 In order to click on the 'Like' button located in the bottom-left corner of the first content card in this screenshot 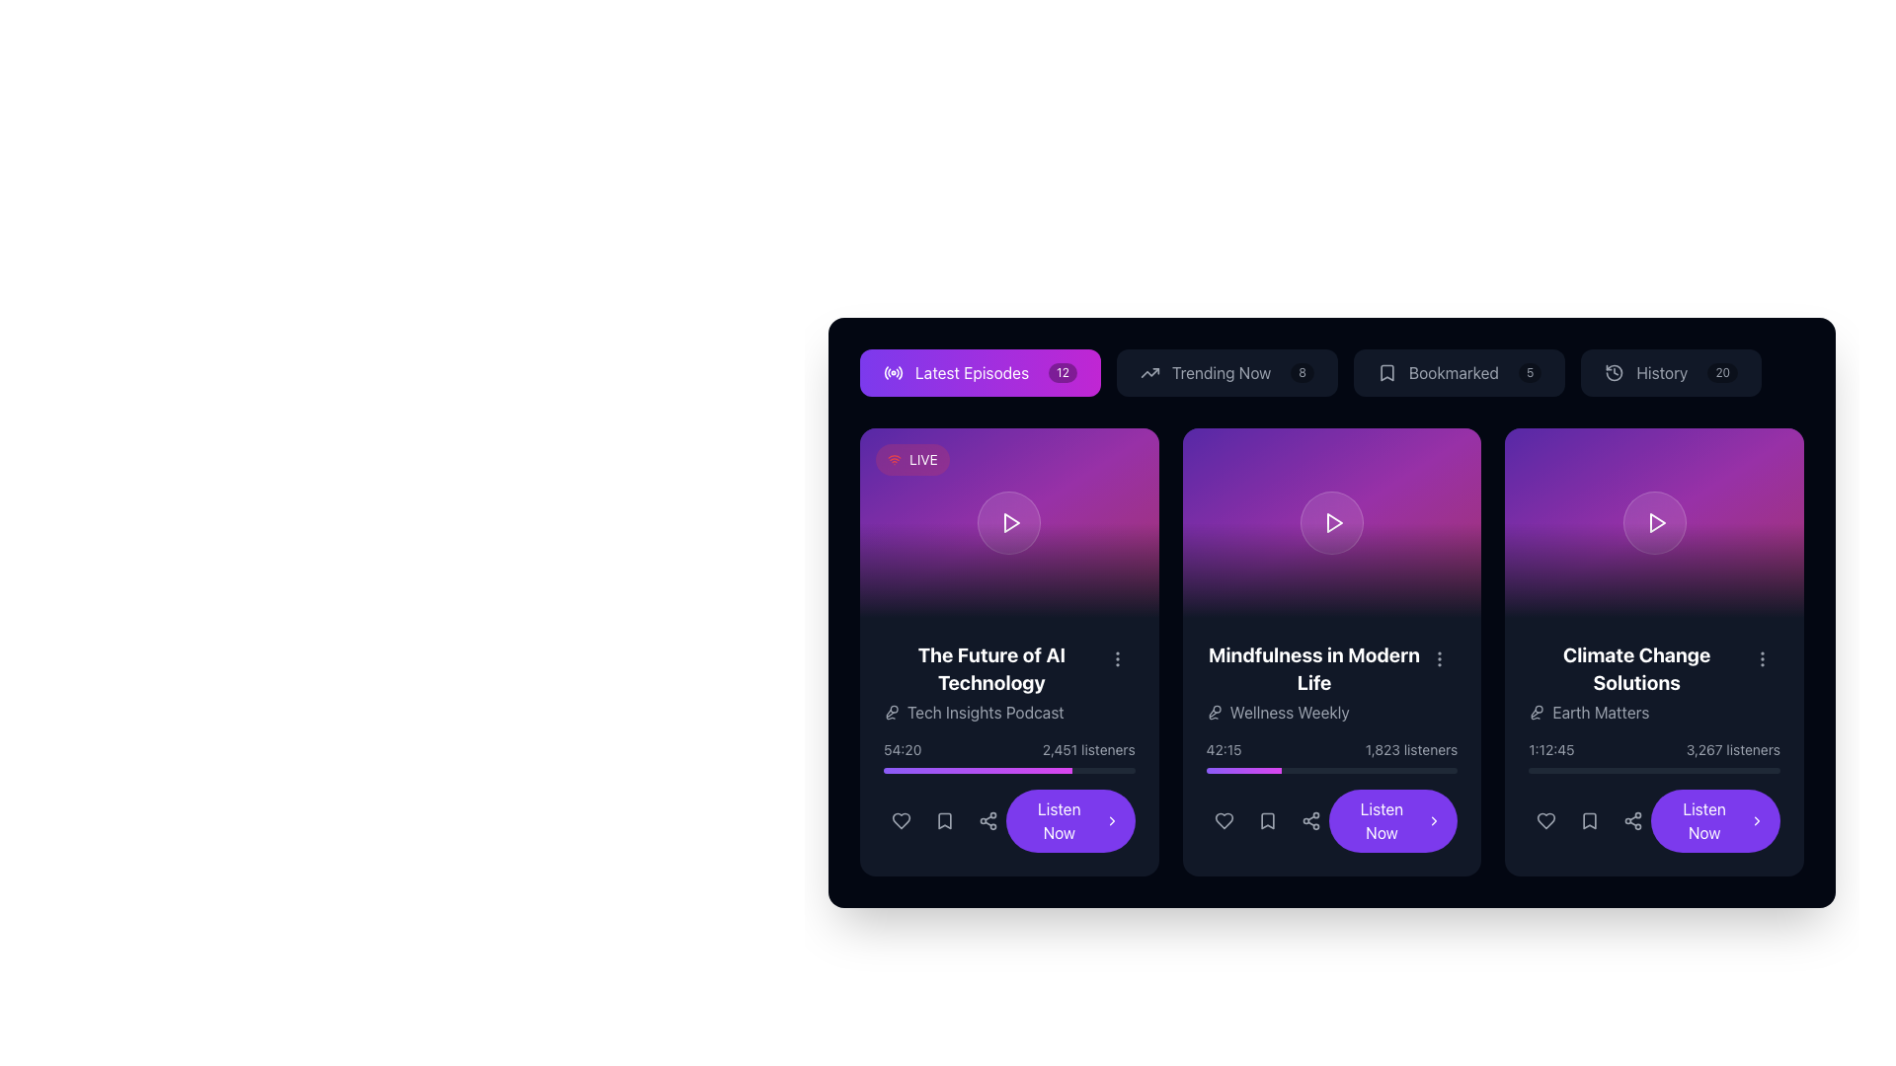, I will do `click(900, 821)`.